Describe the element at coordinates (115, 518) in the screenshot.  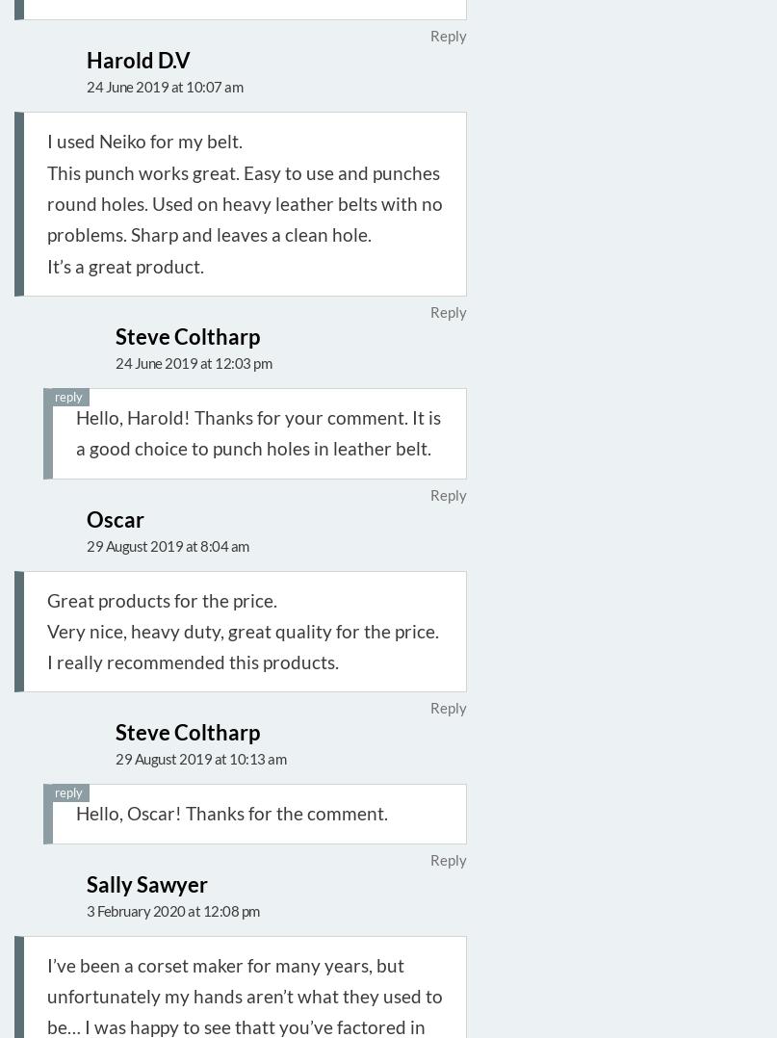
I see `'Oscar'` at that location.